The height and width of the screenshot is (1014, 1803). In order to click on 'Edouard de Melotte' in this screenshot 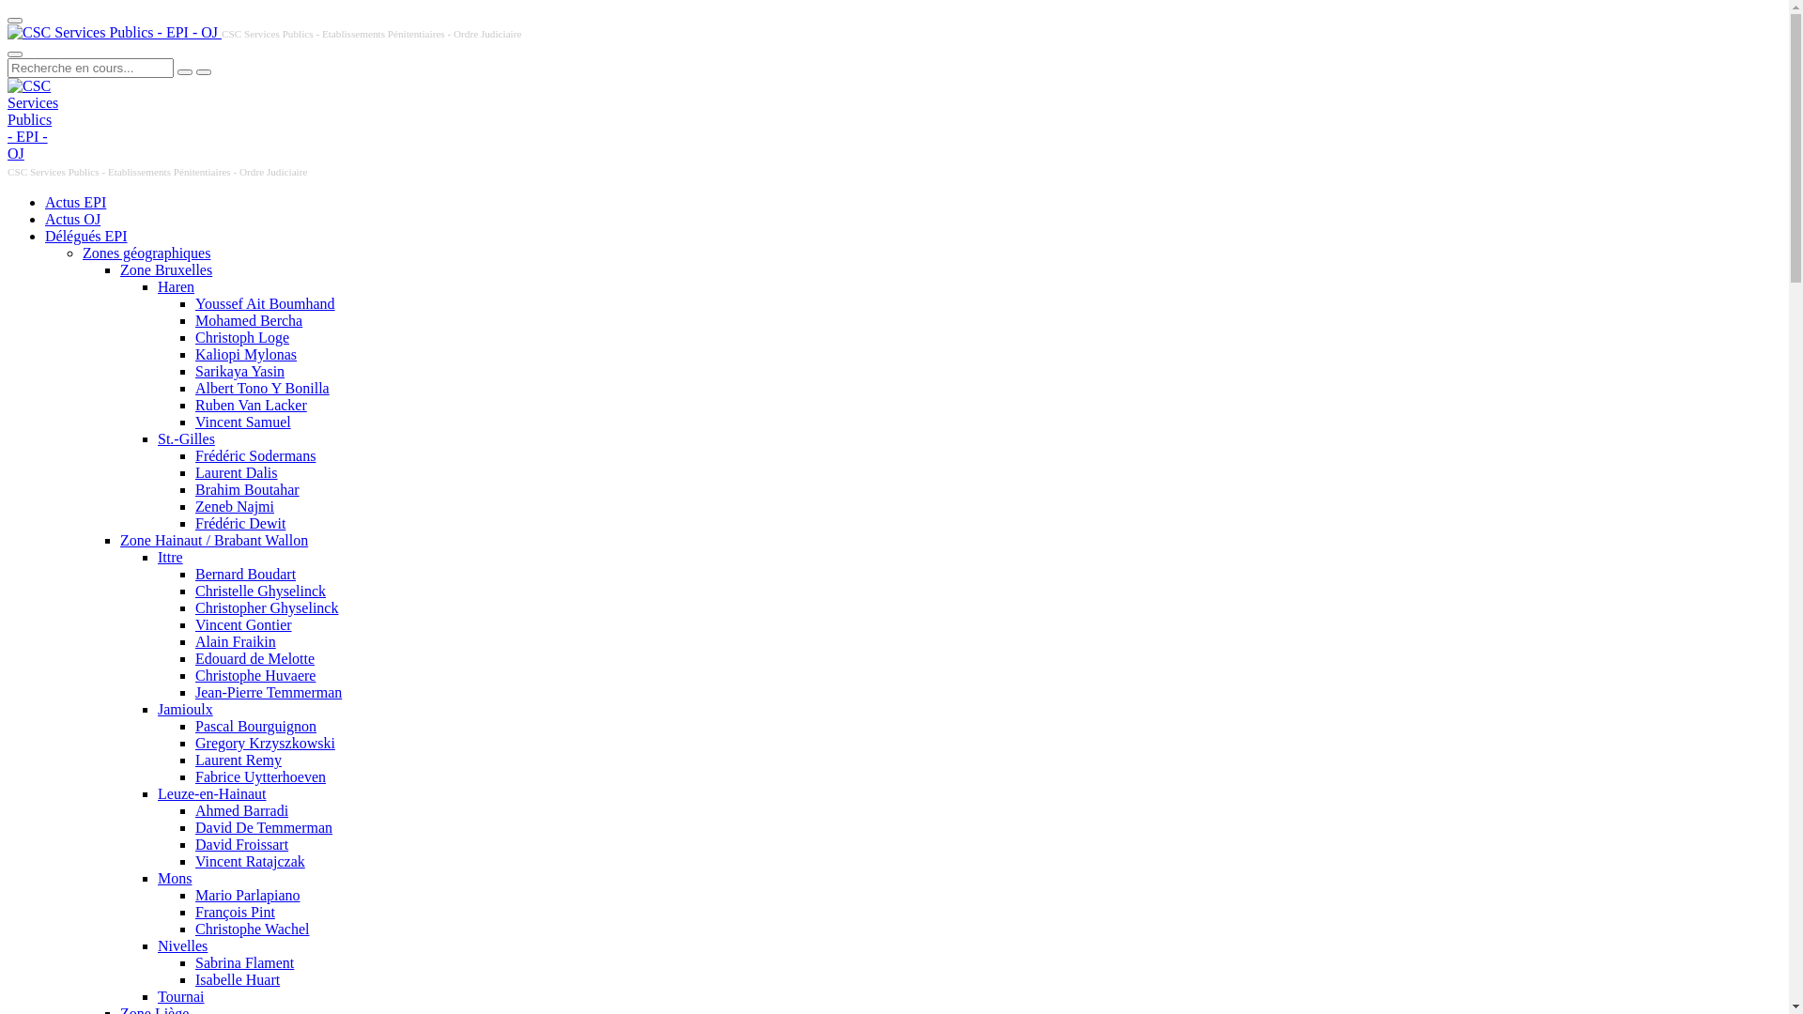, I will do `click(254, 657)`.